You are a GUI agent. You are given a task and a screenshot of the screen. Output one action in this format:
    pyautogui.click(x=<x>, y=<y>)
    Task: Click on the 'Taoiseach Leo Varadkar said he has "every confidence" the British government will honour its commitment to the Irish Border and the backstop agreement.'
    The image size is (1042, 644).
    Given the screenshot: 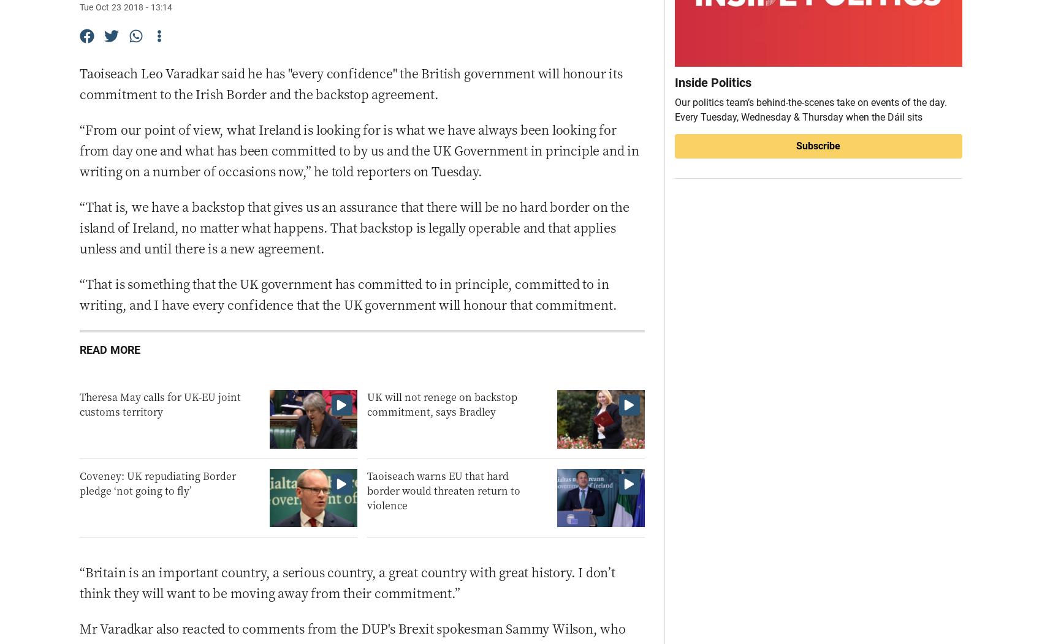 What is the action you would take?
    pyautogui.click(x=350, y=83)
    